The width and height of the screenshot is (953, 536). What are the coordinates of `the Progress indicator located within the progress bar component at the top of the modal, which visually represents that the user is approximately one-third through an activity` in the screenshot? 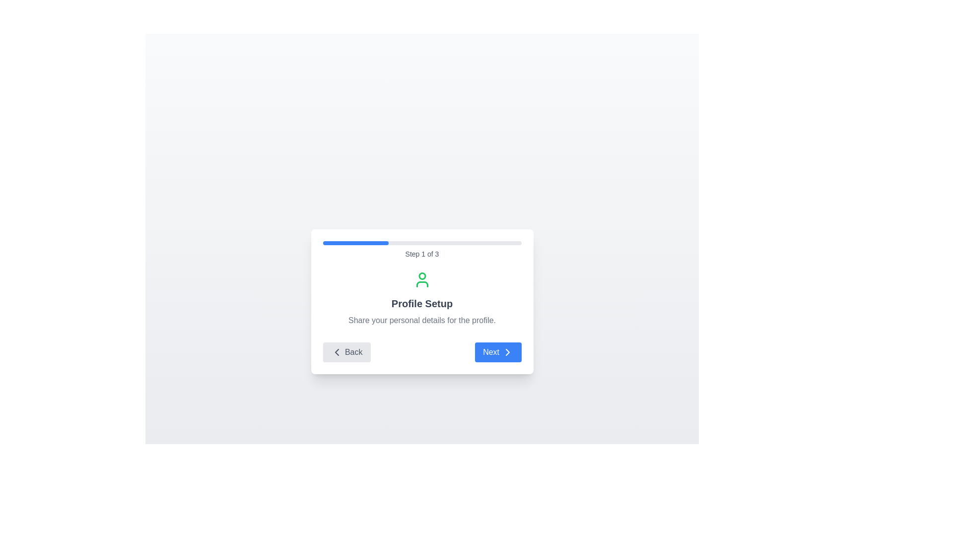 It's located at (355, 243).